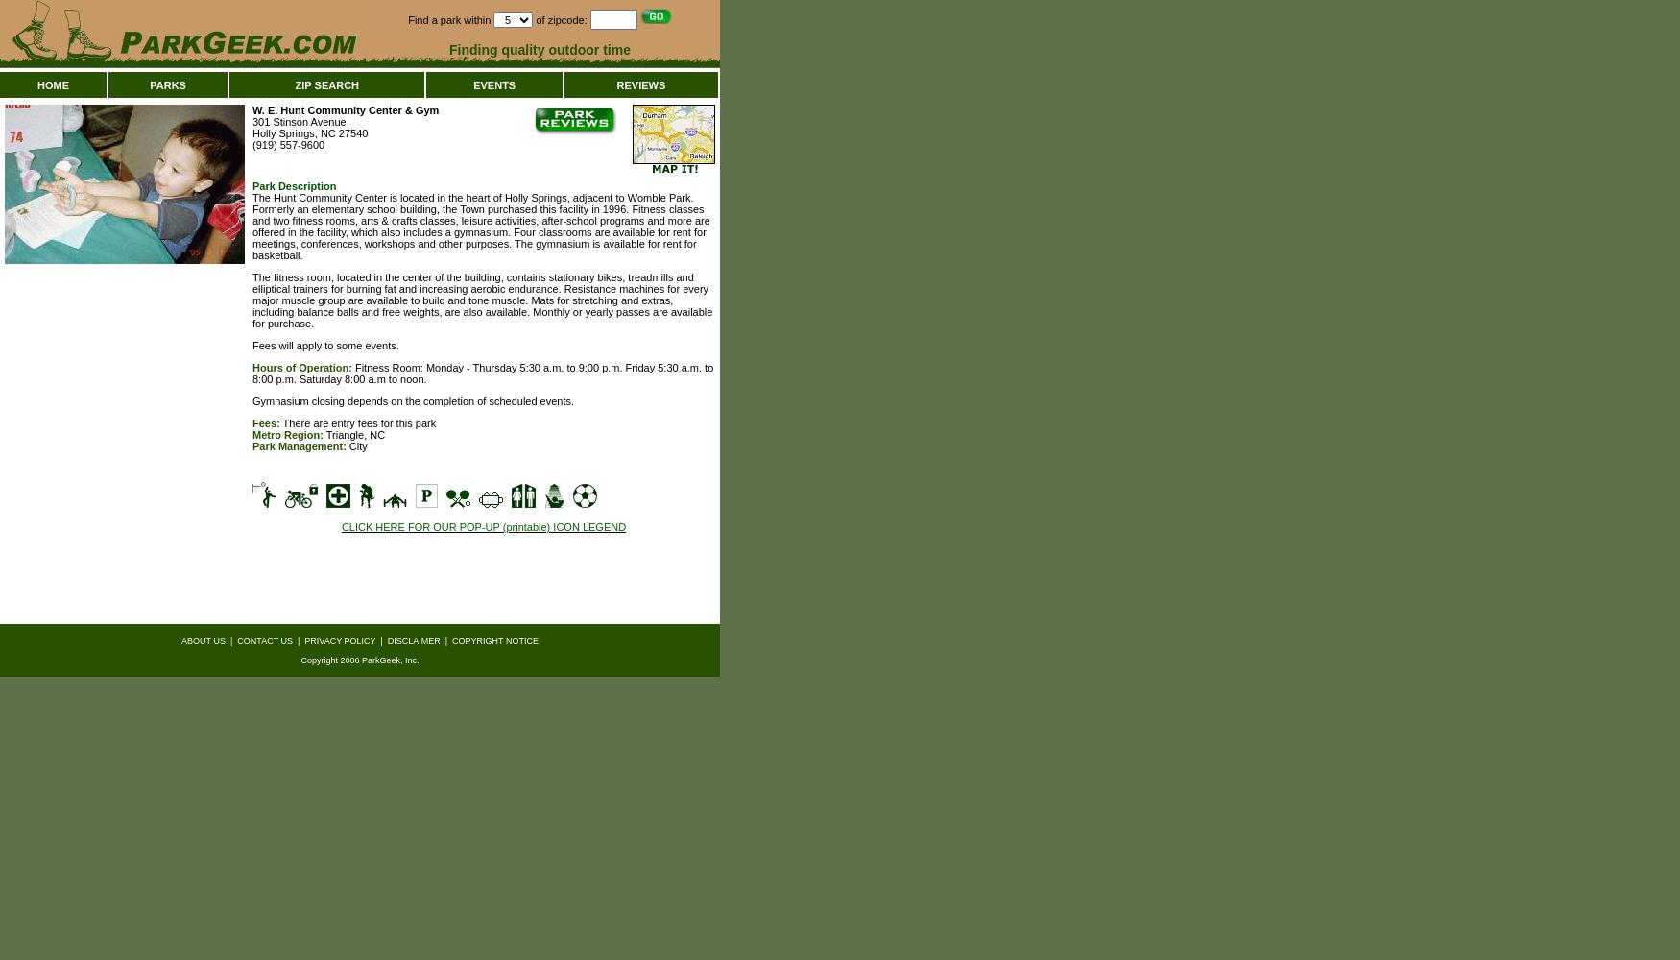 This screenshot has height=960, width=1680. Describe the element at coordinates (353, 434) in the screenshot. I see `'Triangle, NC'` at that location.